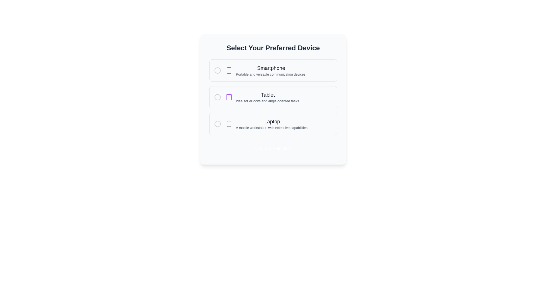  I want to click on the 'Smartphone' text label, which is prominently displayed in bold black font within the 'Select Your Preferred Device' option group, so click(271, 68).